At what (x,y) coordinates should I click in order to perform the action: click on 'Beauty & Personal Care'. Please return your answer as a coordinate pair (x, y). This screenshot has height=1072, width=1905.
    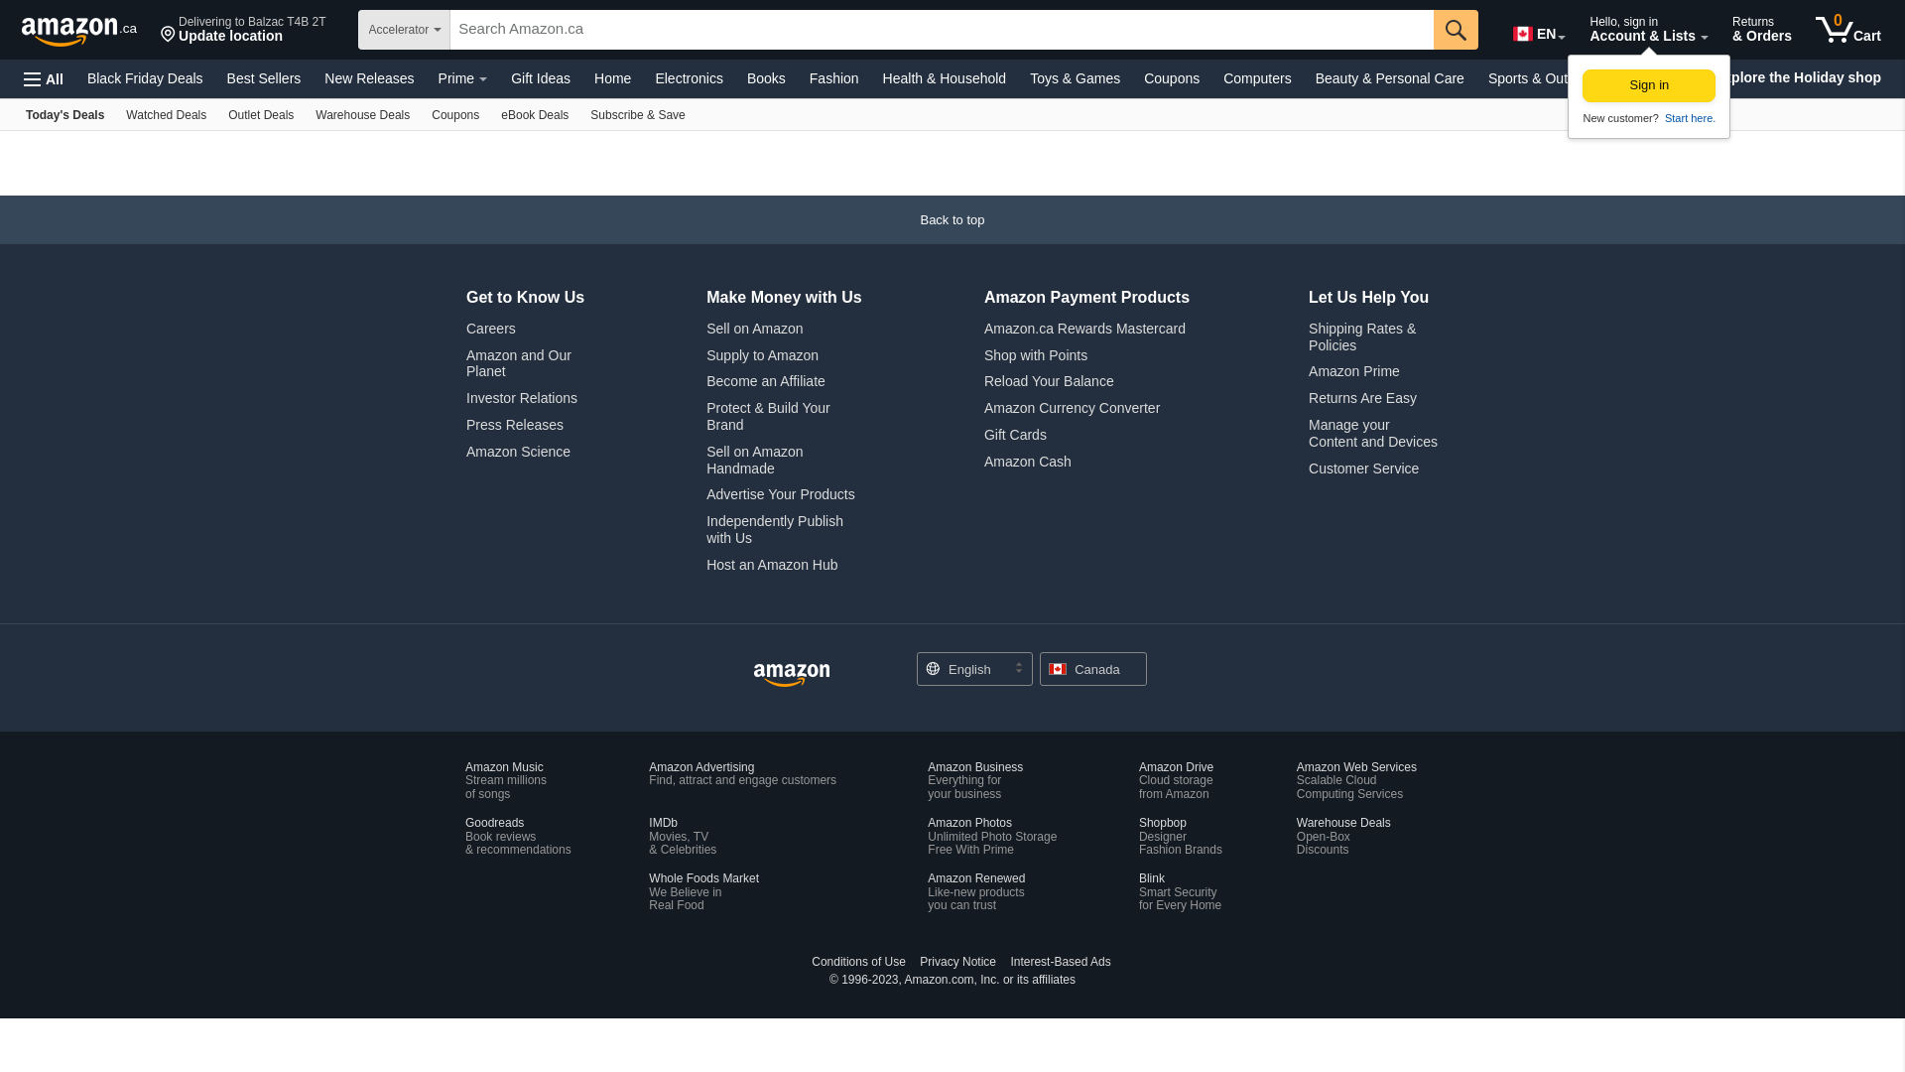
    Looking at the image, I should click on (1389, 76).